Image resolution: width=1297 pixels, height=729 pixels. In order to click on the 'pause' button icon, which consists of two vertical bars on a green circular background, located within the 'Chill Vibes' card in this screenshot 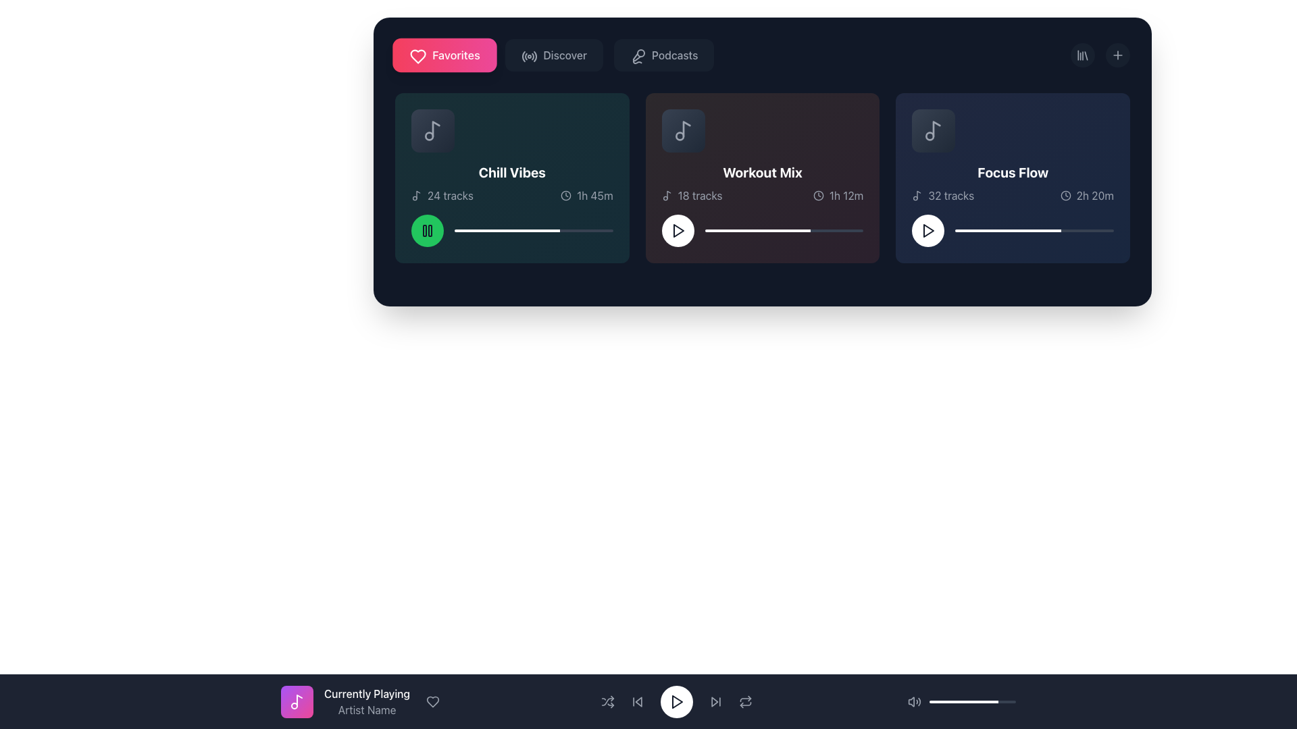, I will do `click(427, 230)`.